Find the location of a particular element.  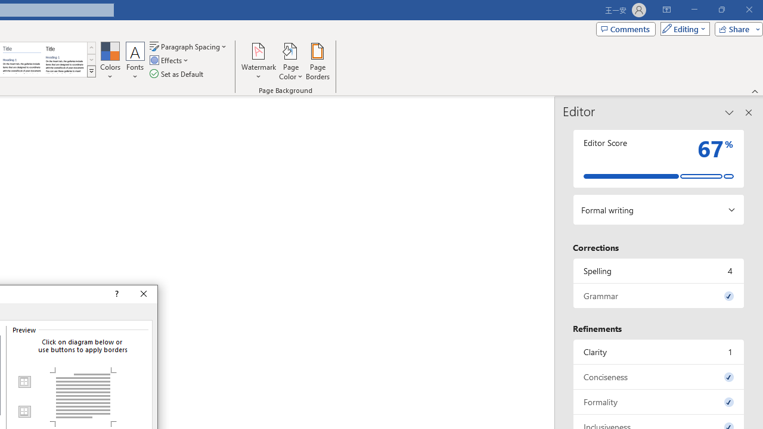

'Top Border' is located at coordinates (24, 382).